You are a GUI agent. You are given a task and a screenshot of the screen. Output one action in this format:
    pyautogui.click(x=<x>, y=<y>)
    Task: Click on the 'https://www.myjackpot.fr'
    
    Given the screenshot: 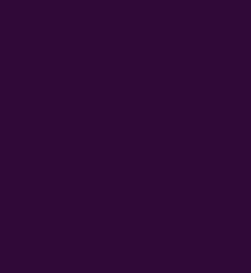 What is the action you would take?
    pyautogui.click(x=116, y=238)
    